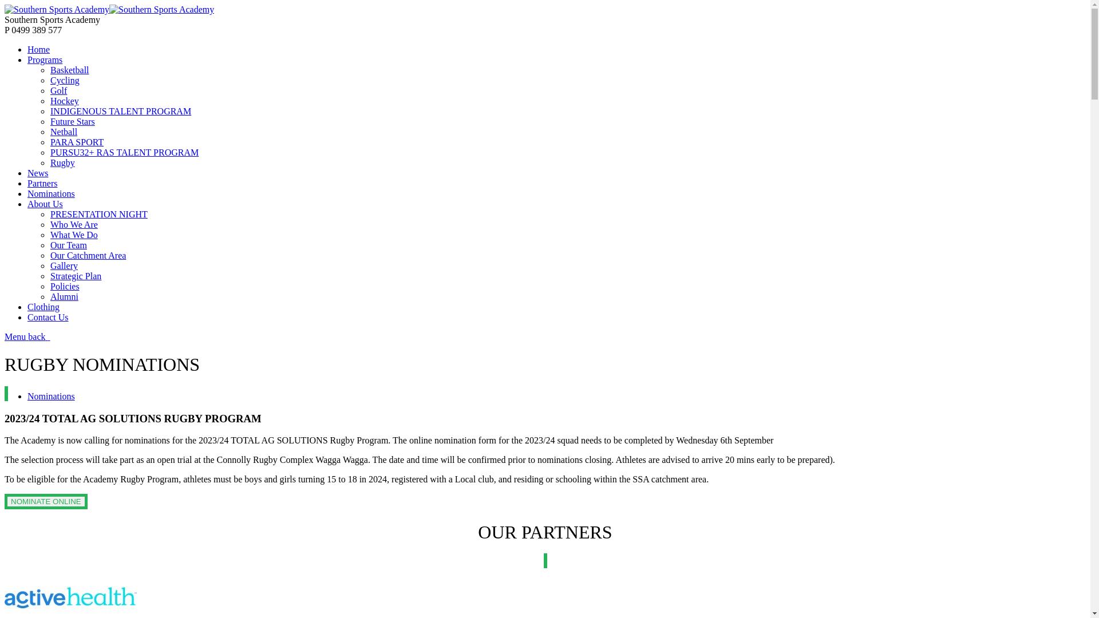  I want to click on 'Policies', so click(64, 286).